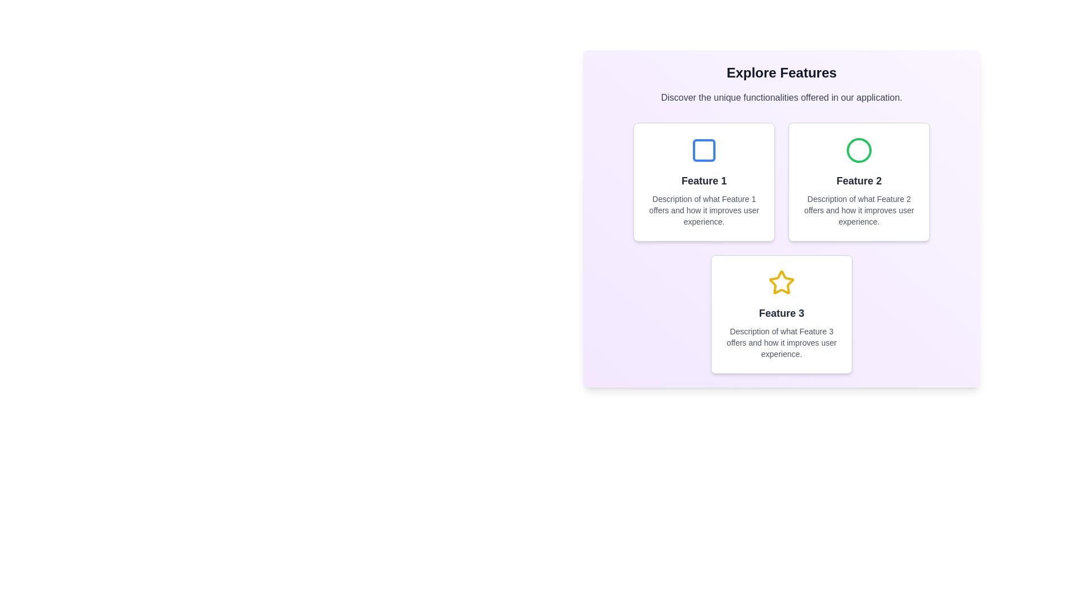  What do you see at coordinates (781, 342) in the screenshot?
I see `the static text located beneath the heading 'Feature 3' in the third feature card of the grid layout` at bounding box center [781, 342].